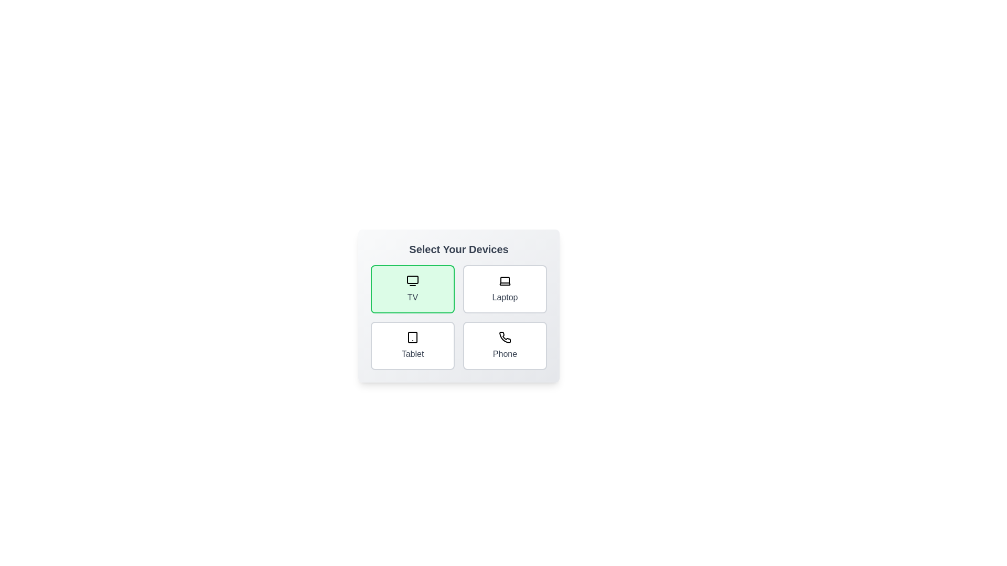  Describe the element at coordinates (505, 289) in the screenshot. I see `the button corresponding to the device Laptop to toggle its selection` at that location.